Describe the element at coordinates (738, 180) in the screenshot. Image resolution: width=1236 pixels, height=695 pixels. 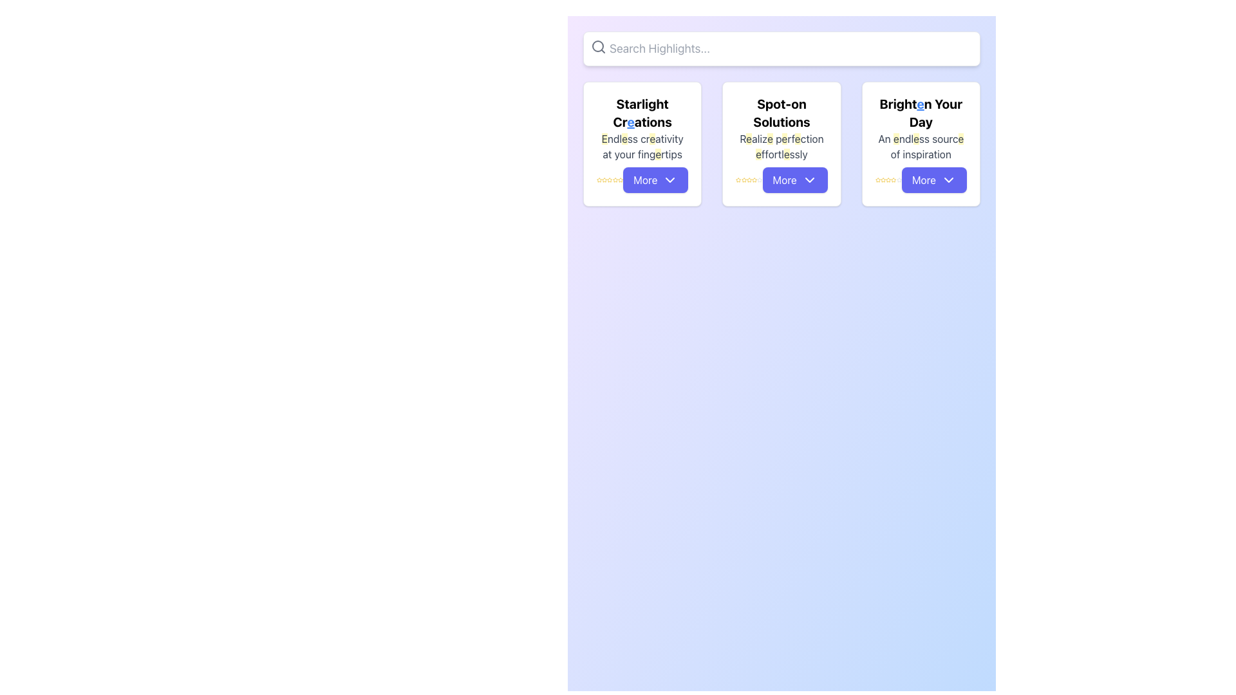
I see `the first star-shaped rating icon, which is yellow and located beneath the text 'Spot-on Solutions' in the middle card of three cards in a grid layout` at that location.